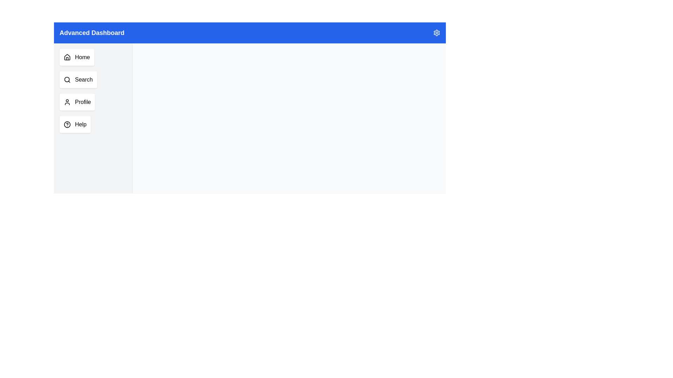 This screenshot has height=378, width=673. I want to click on the SVG circle that represents the 'Help' function in the vertical navigation menu, located in the left panel, specifically as the fourth item below the 'Profile' section, so click(67, 124).